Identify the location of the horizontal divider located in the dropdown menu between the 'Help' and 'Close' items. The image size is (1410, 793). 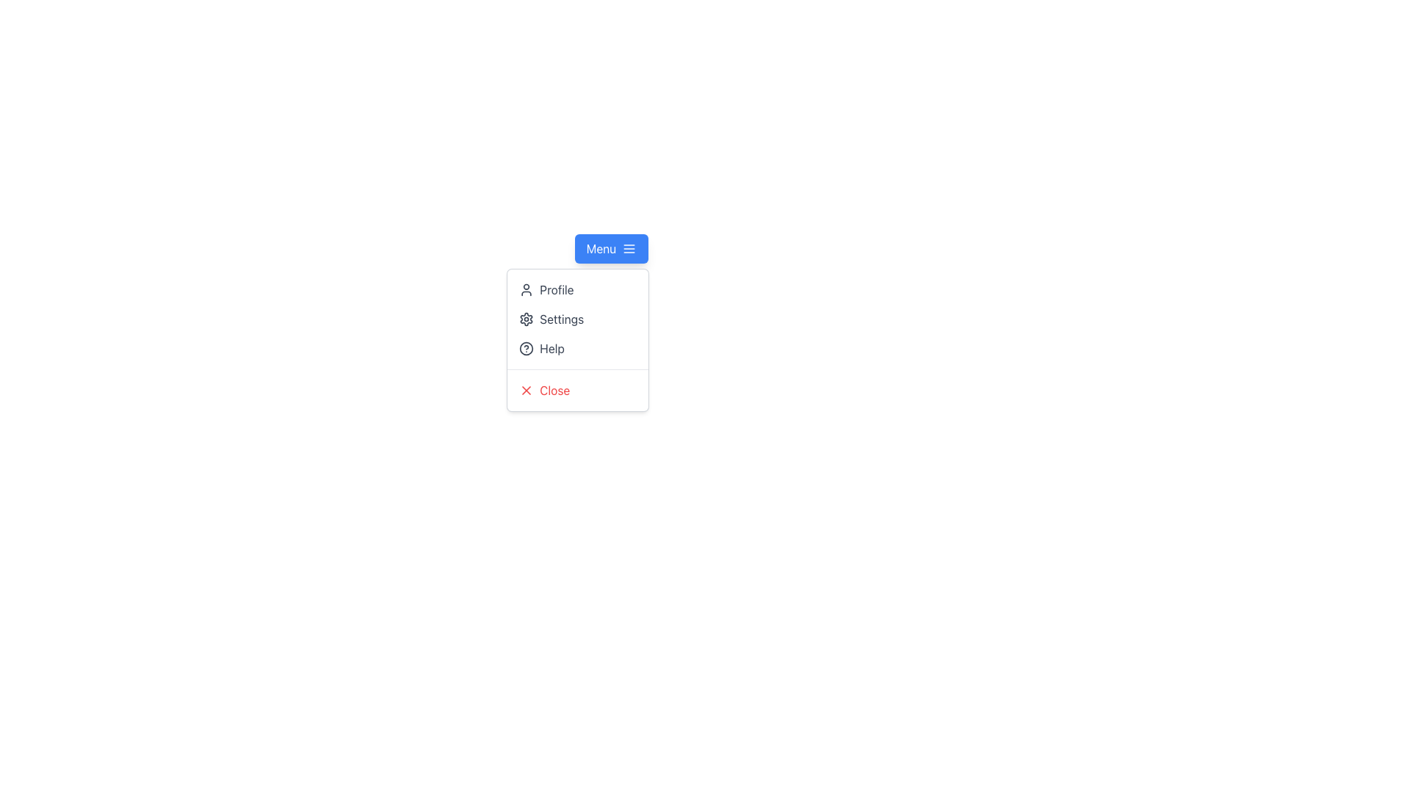
(577, 369).